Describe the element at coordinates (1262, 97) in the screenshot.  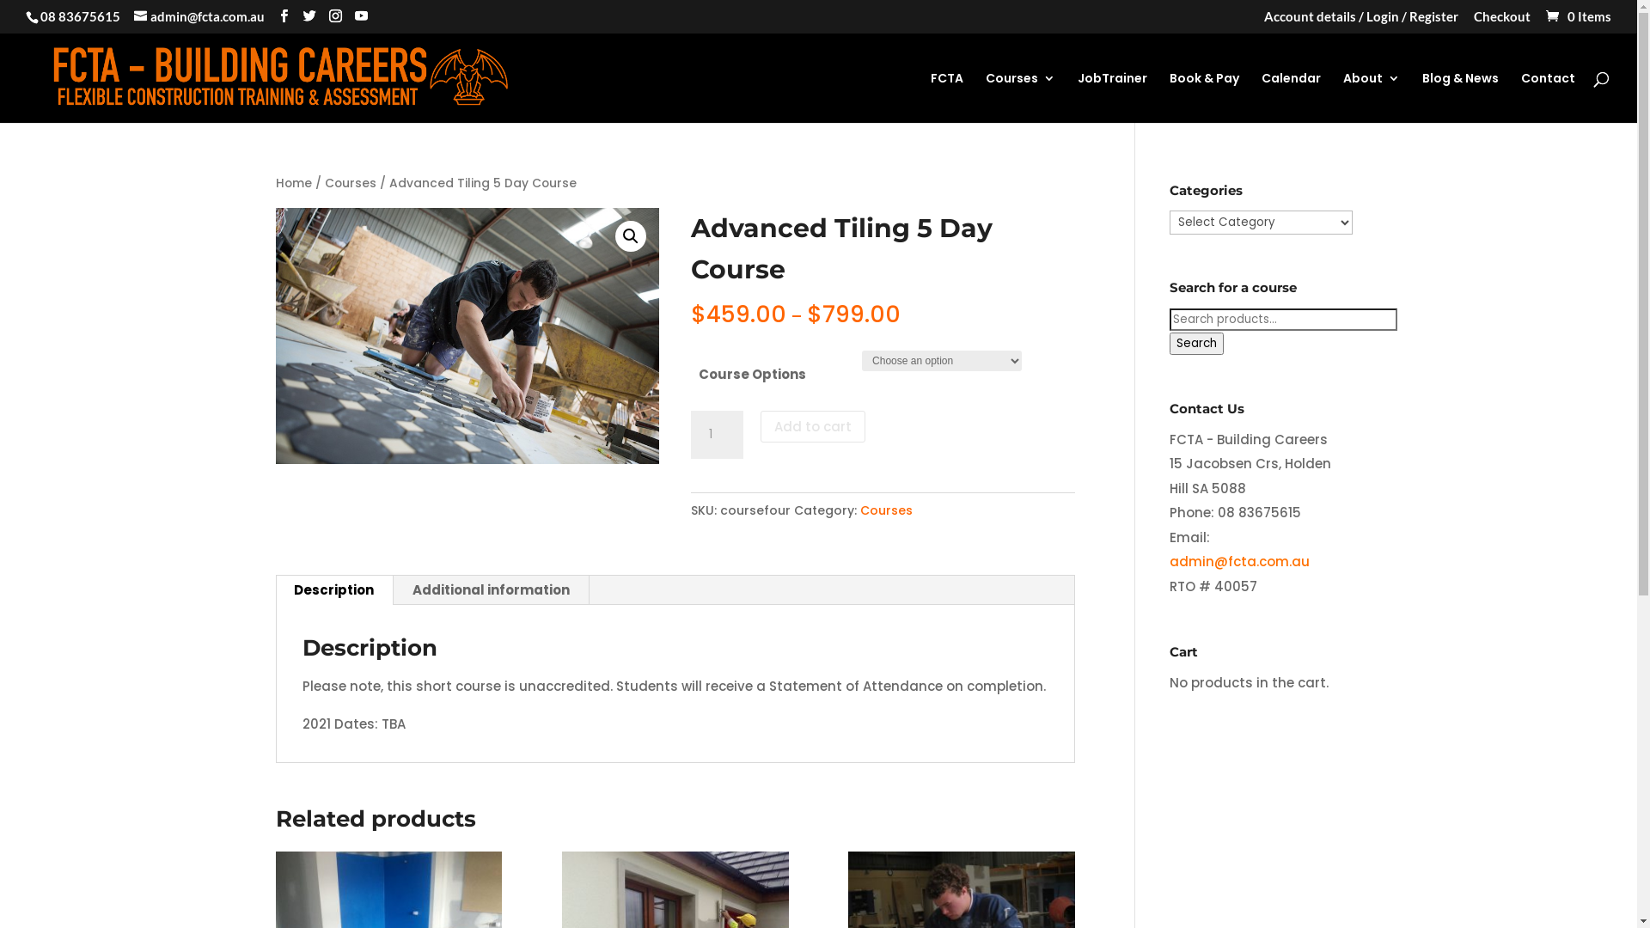
I see `'Calendar'` at that location.